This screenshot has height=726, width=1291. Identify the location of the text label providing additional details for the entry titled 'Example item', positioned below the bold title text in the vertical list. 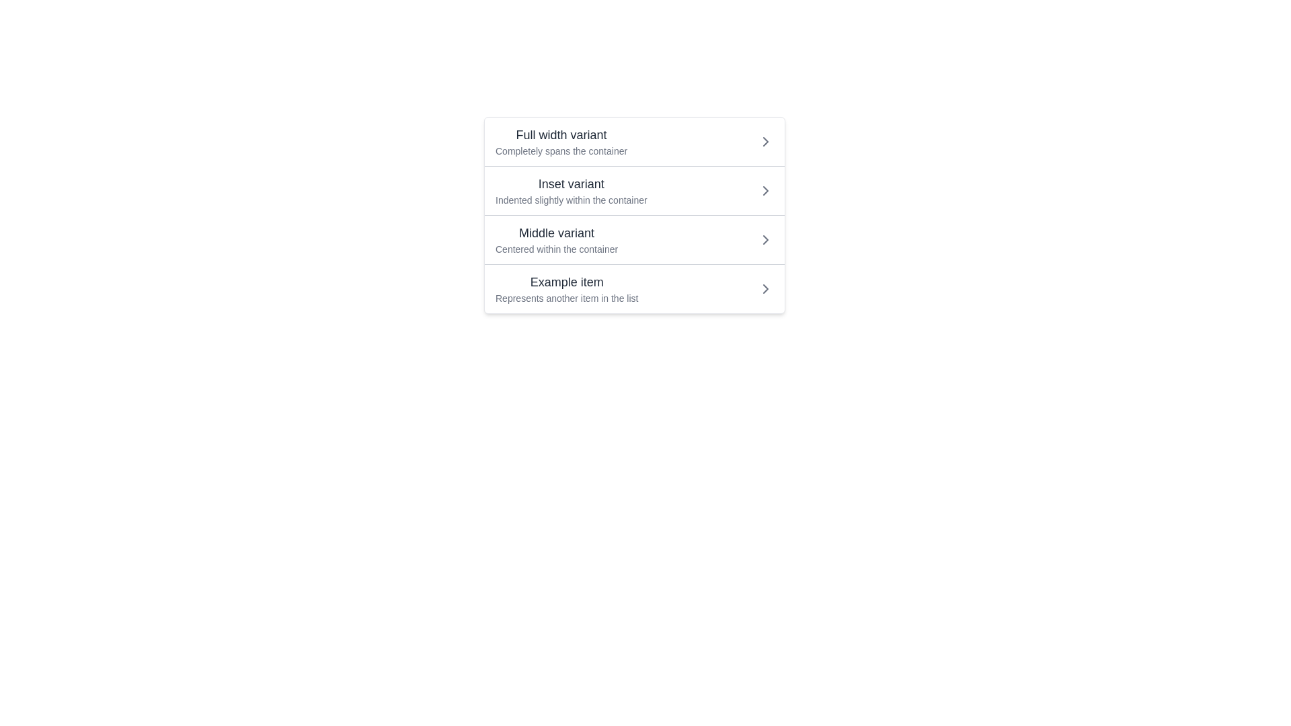
(567, 297).